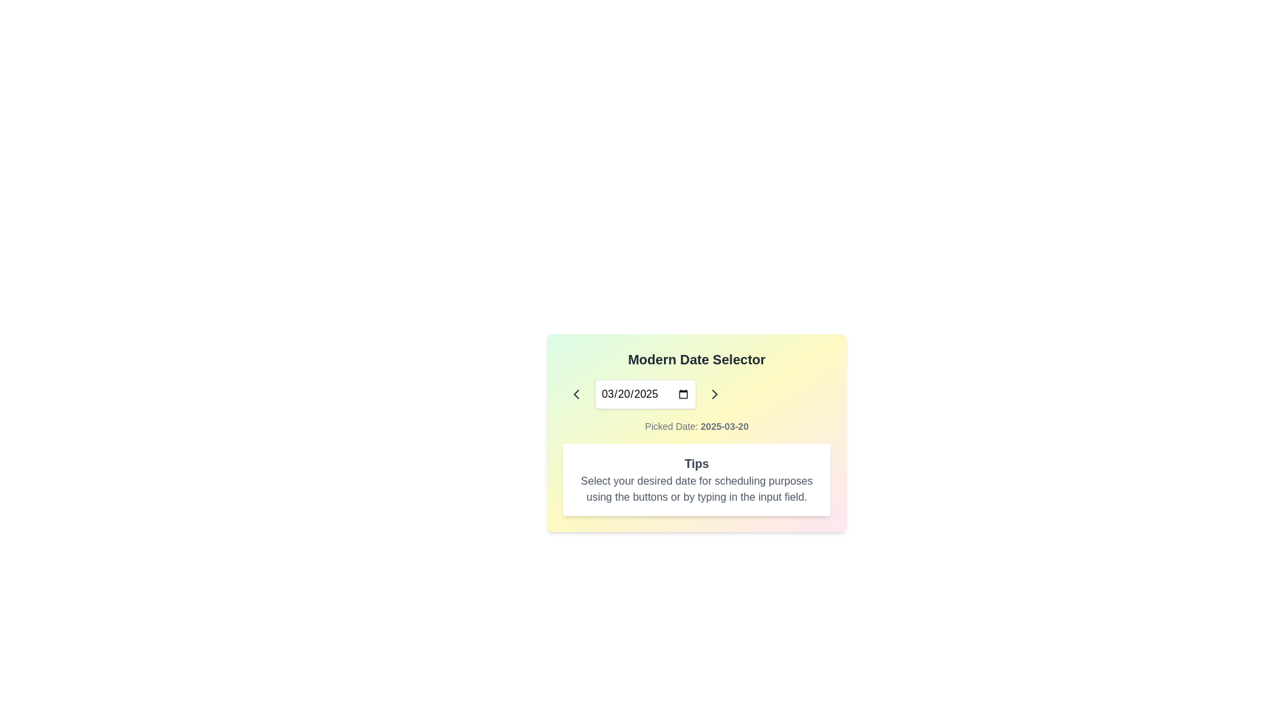 This screenshot has height=722, width=1284. What do you see at coordinates (714, 394) in the screenshot?
I see `the right-facing chevron icon with a thin border and medium gray color in the modern date selector interface` at bounding box center [714, 394].